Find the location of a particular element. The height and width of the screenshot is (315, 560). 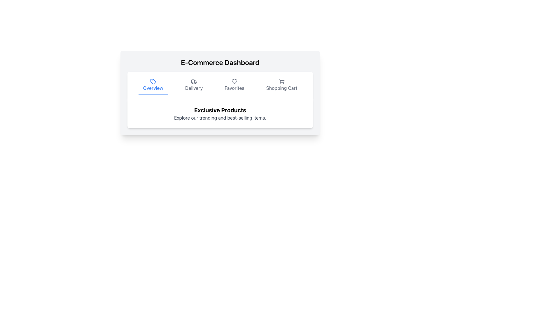

the truck icon located at the center of the 'Delivery' button in the navigation panel of the 'E-Commerce Dashboard' is located at coordinates (194, 82).